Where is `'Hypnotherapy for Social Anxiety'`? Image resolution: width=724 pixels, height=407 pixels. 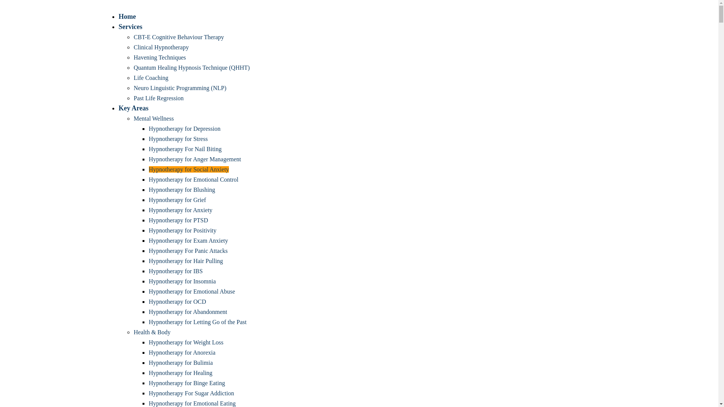
'Hypnotherapy for Social Anxiety' is located at coordinates (189, 169).